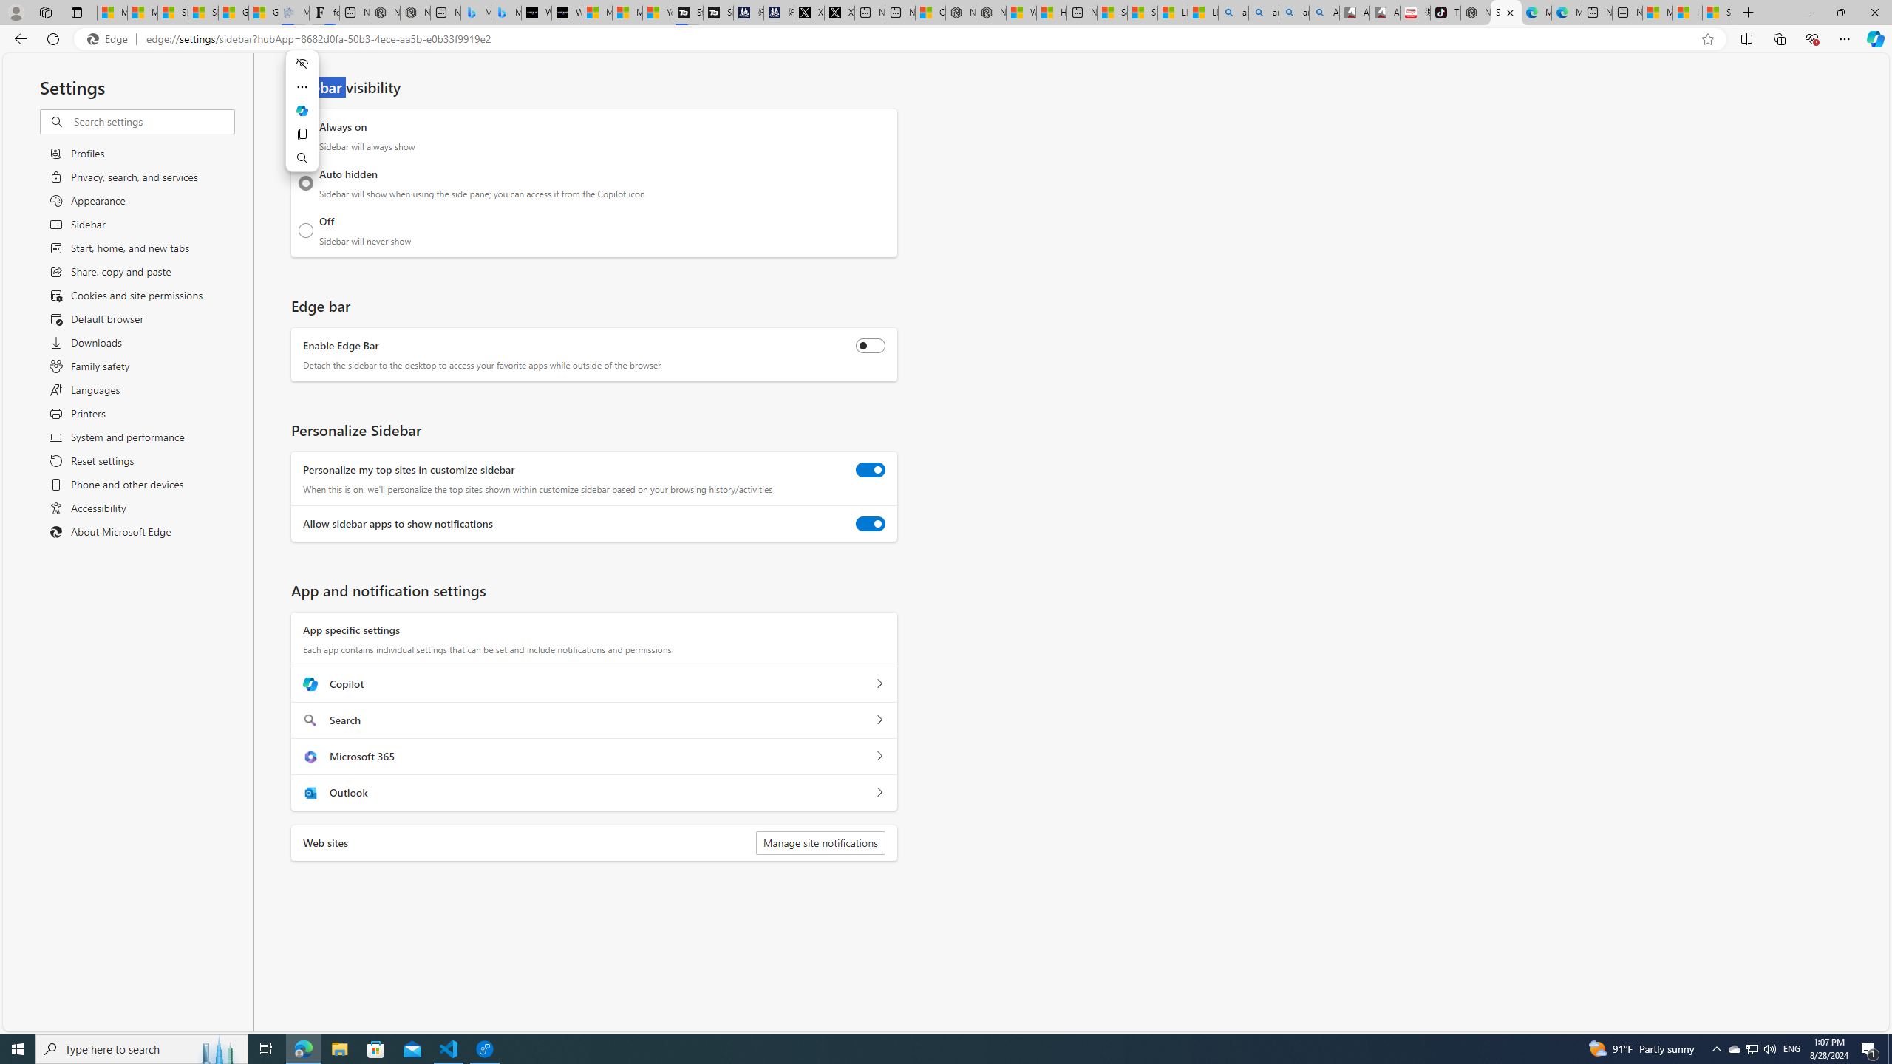 The image size is (1892, 1064). Describe the element at coordinates (109, 39) in the screenshot. I see `'Edge'` at that location.